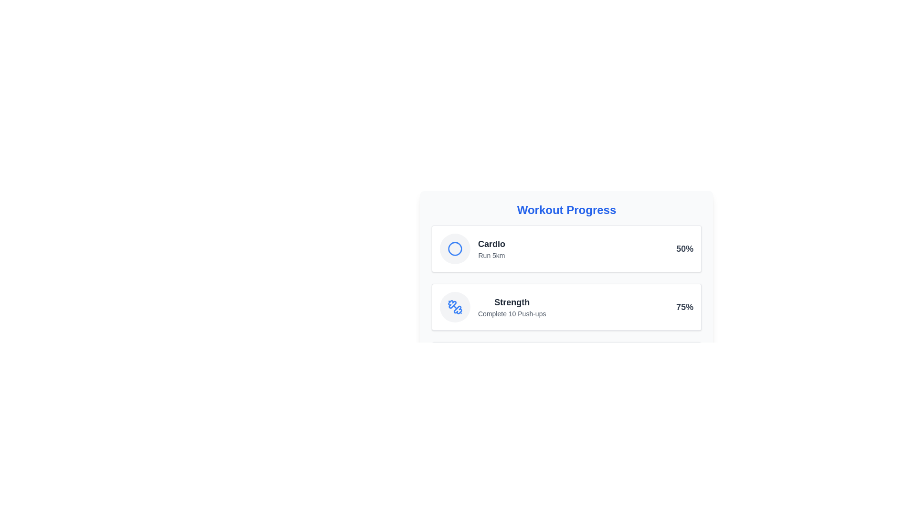  What do you see at coordinates (457, 310) in the screenshot?
I see `the 'Strength' workout goal icon, which is an SVG graphic located in the left-side icon area beside the text 'Strength' in the workout progress tracker` at bounding box center [457, 310].